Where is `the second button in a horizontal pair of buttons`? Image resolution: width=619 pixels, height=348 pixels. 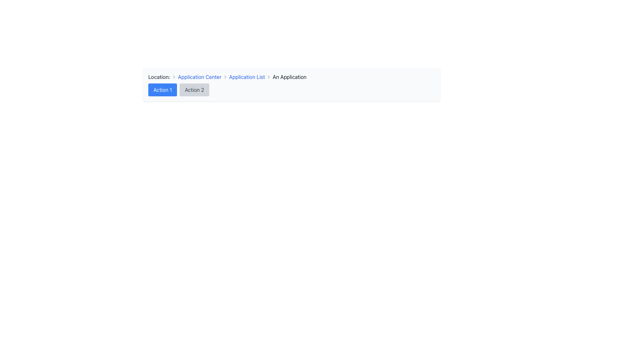 the second button in a horizontal pair of buttons is located at coordinates (194, 90).